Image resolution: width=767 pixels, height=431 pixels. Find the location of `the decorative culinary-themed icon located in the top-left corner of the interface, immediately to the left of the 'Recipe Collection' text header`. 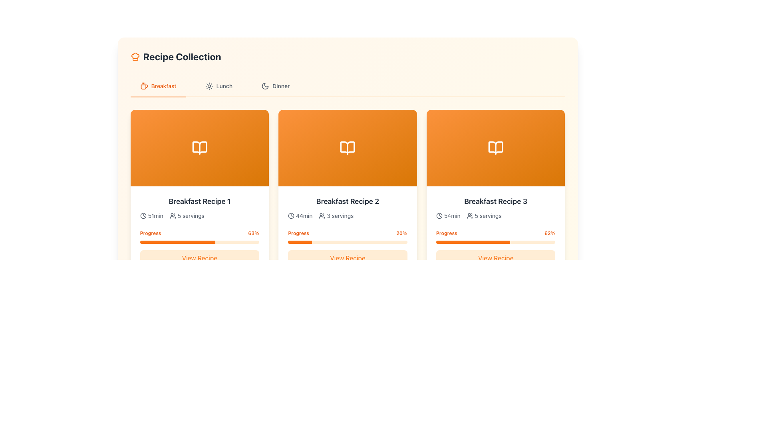

the decorative culinary-themed icon located in the top-left corner of the interface, immediately to the left of the 'Recipe Collection' text header is located at coordinates (135, 56).